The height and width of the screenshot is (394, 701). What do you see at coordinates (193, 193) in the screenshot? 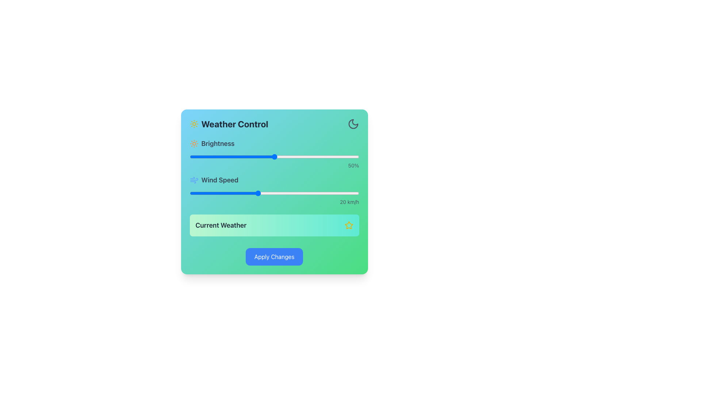
I see `wind speed` at bounding box center [193, 193].